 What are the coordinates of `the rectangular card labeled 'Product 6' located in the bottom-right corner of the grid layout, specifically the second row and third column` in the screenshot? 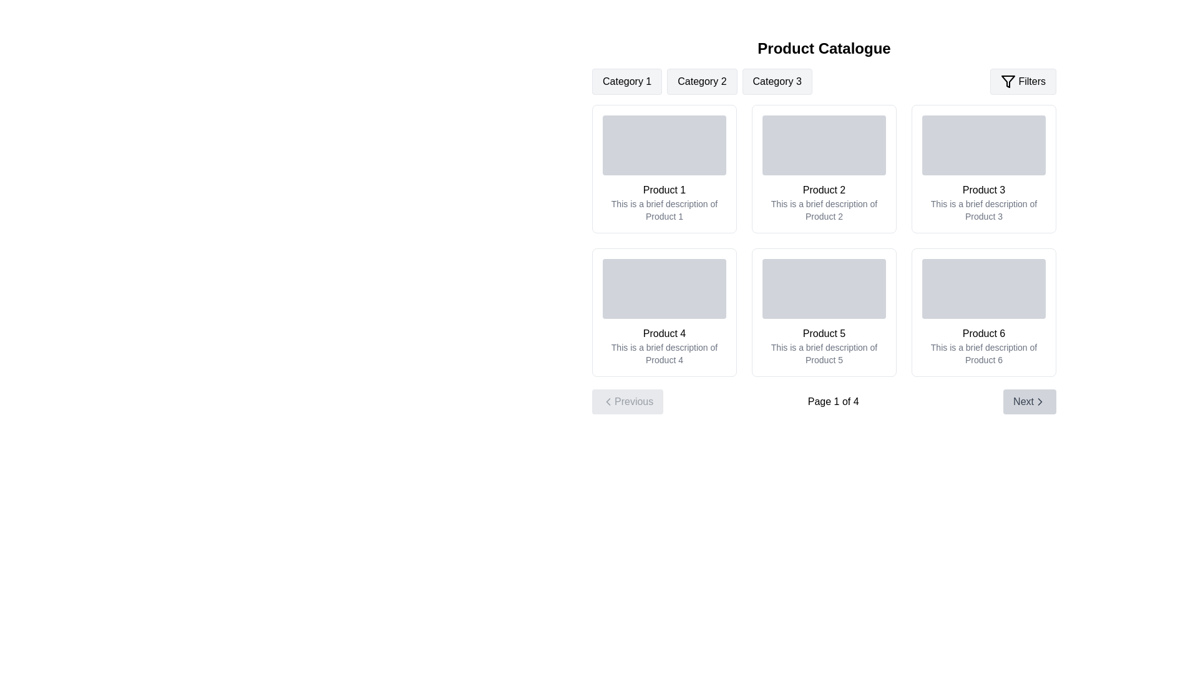 It's located at (983, 312).